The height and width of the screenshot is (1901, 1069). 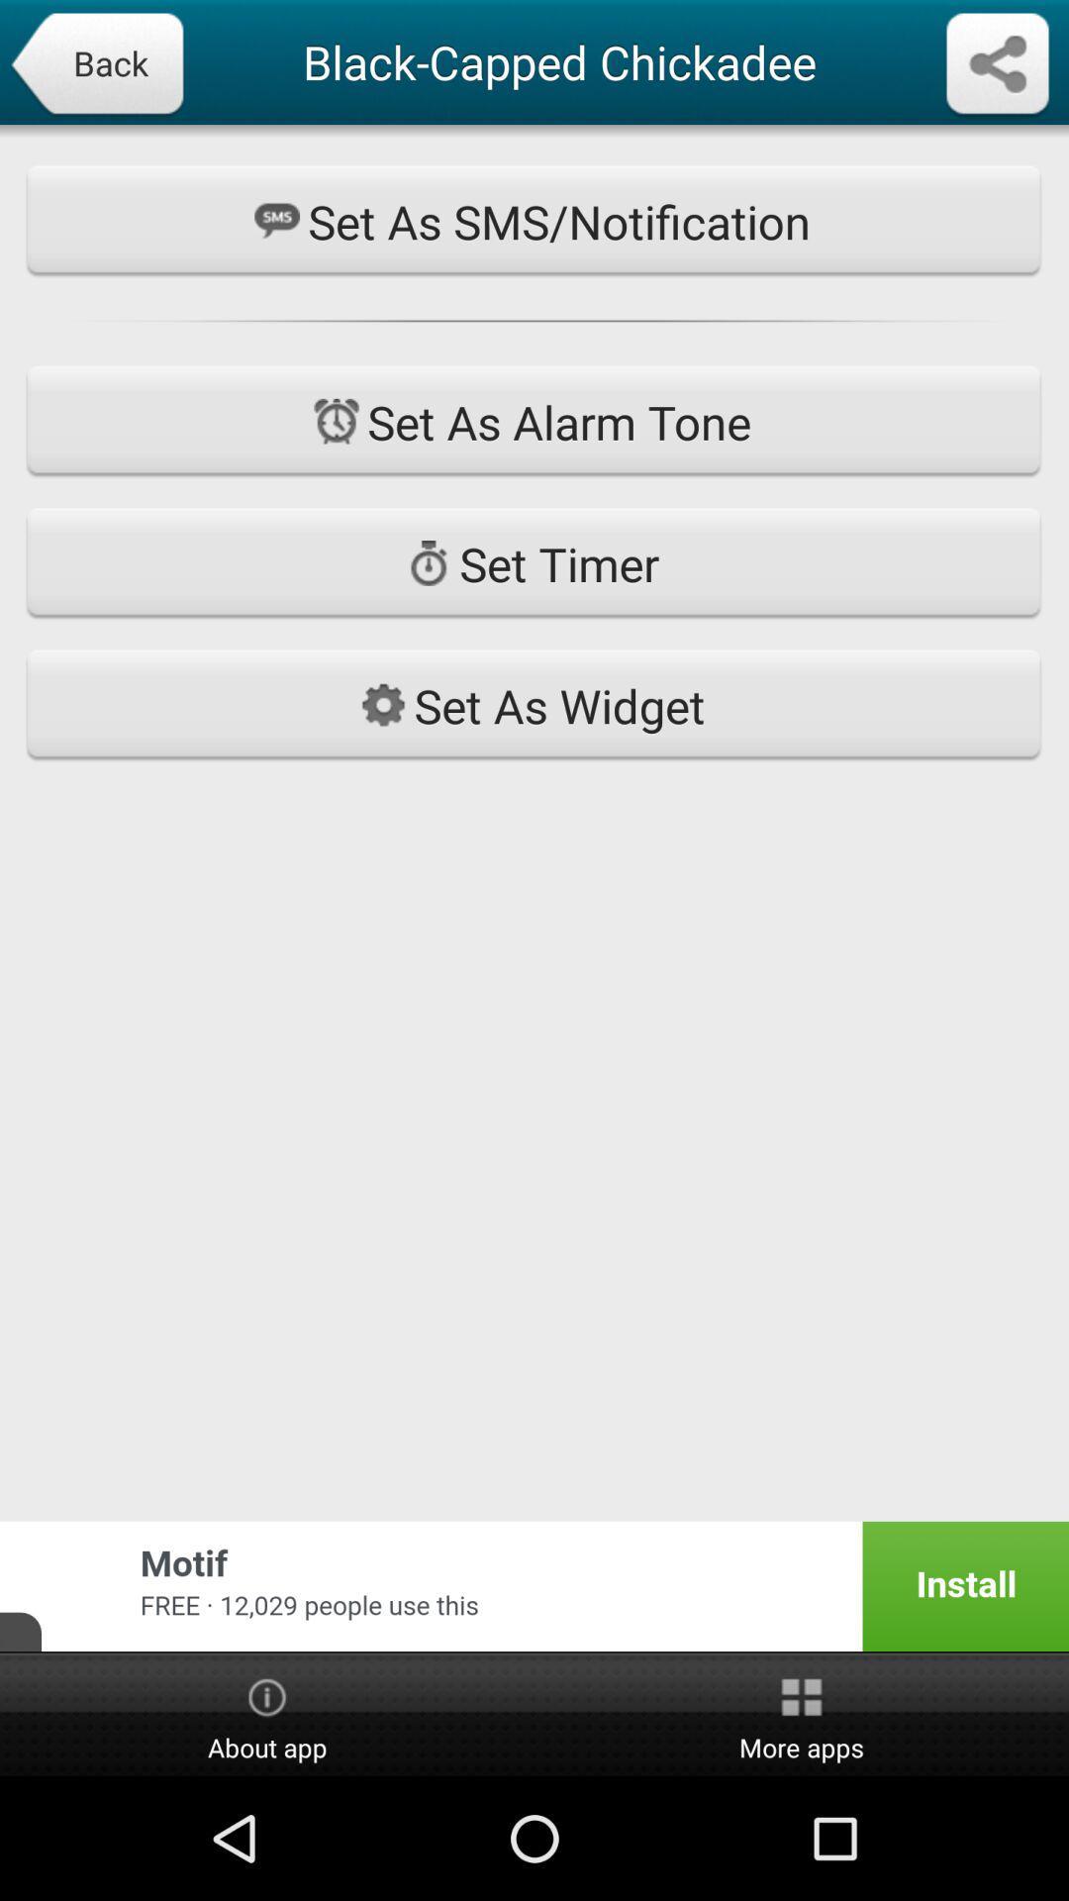 What do you see at coordinates (997, 65) in the screenshot?
I see `download content` at bounding box center [997, 65].